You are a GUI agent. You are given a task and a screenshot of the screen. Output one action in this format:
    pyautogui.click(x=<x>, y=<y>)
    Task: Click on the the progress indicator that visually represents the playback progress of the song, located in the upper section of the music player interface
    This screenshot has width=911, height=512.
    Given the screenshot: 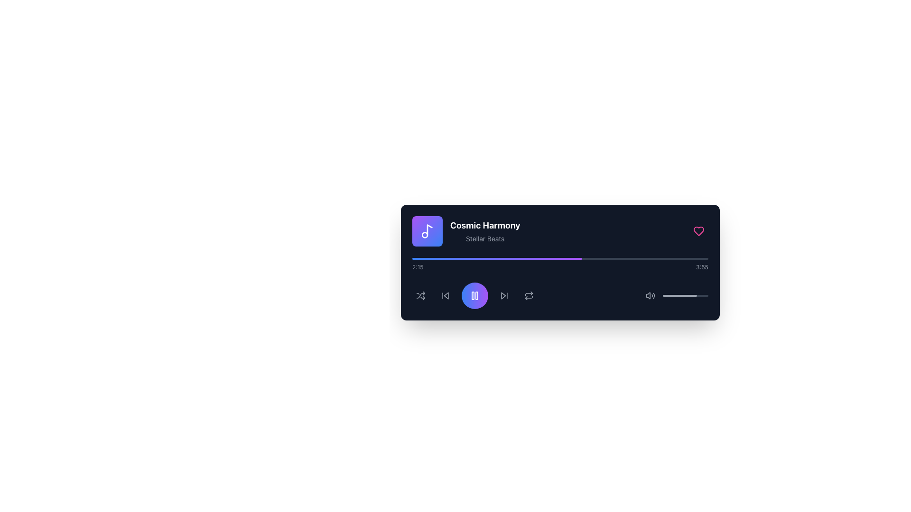 What is the action you would take?
    pyautogui.click(x=497, y=259)
    